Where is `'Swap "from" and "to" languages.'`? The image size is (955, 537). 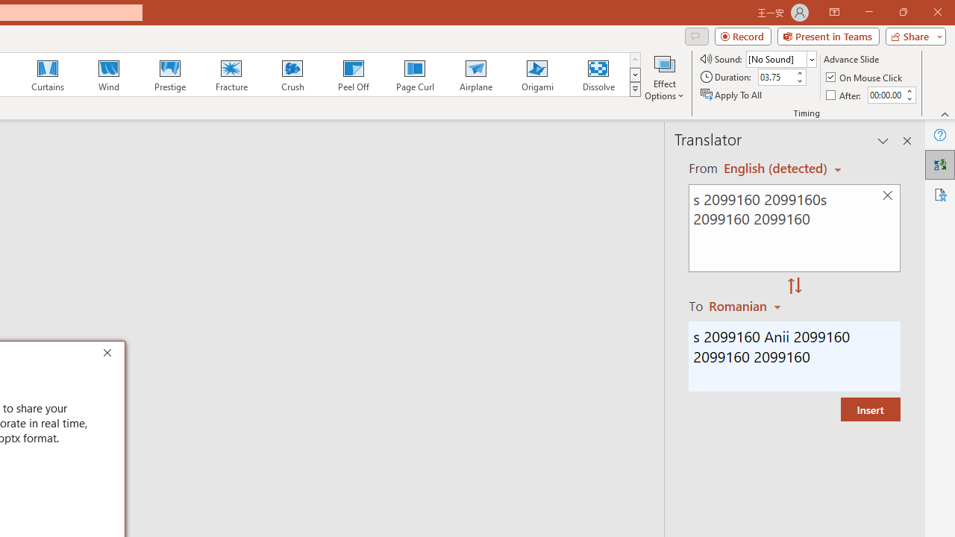 'Swap "from" and "to" languages.' is located at coordinates (794, 286).